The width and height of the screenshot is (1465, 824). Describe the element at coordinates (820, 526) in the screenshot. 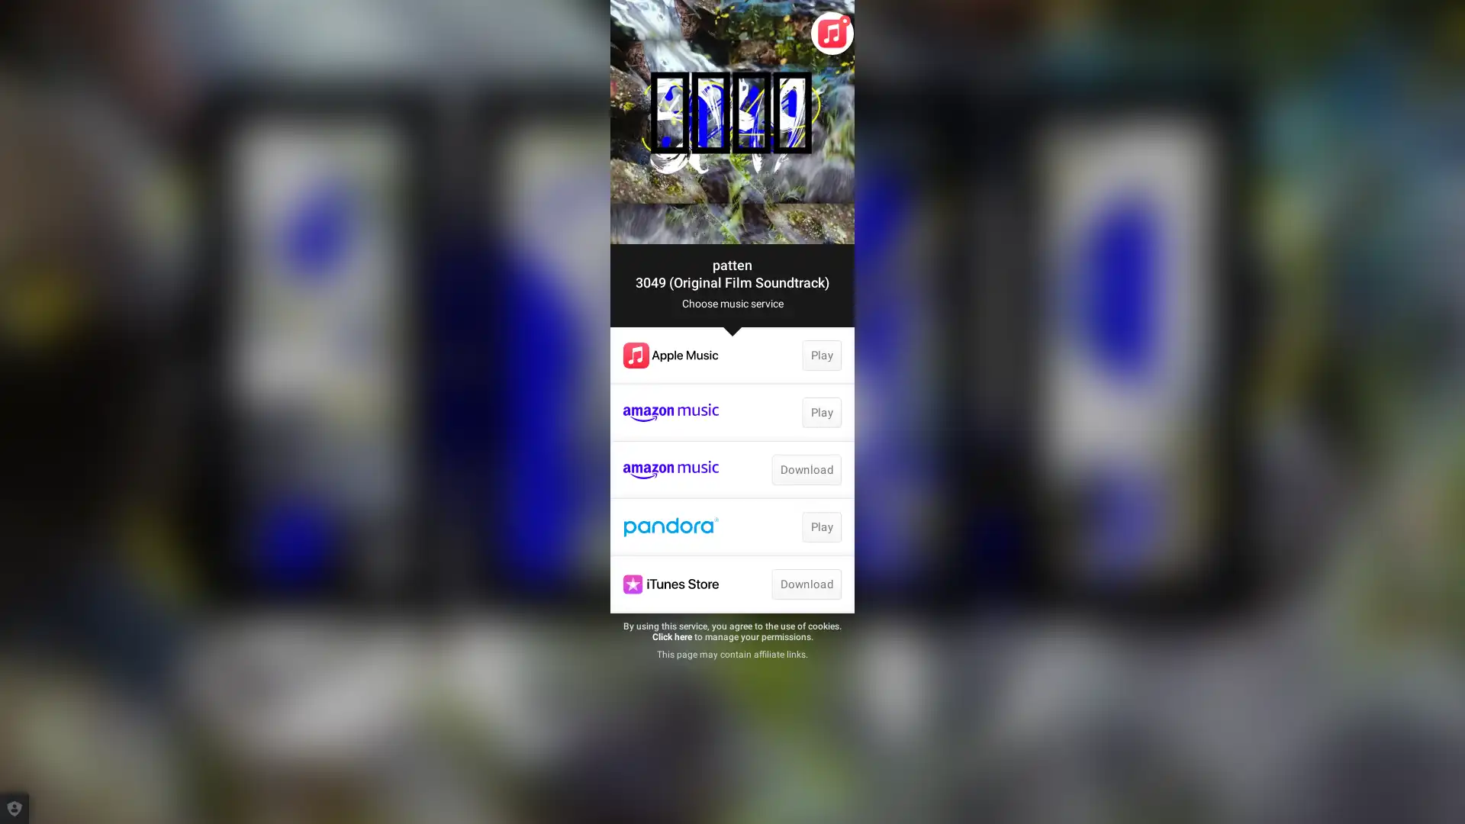

I see `Play` at that location.